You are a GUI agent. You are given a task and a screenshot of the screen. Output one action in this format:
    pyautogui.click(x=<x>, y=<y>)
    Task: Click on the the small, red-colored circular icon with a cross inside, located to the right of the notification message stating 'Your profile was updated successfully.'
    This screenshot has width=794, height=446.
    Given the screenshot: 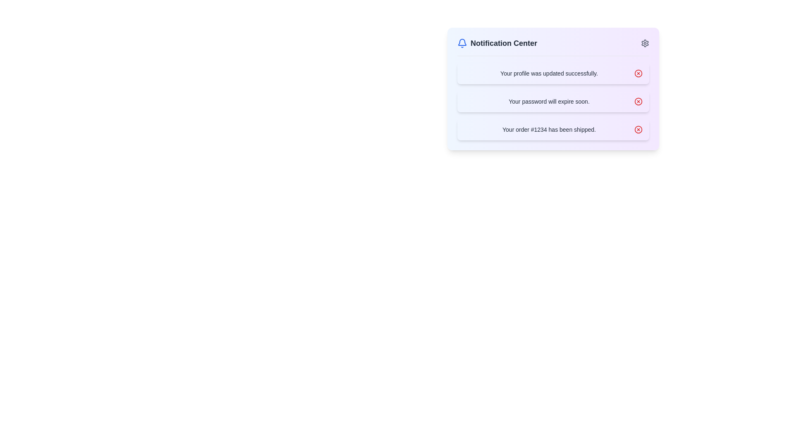 What is the action you would take?
    pyautogui.click(x=638, y=73)
    